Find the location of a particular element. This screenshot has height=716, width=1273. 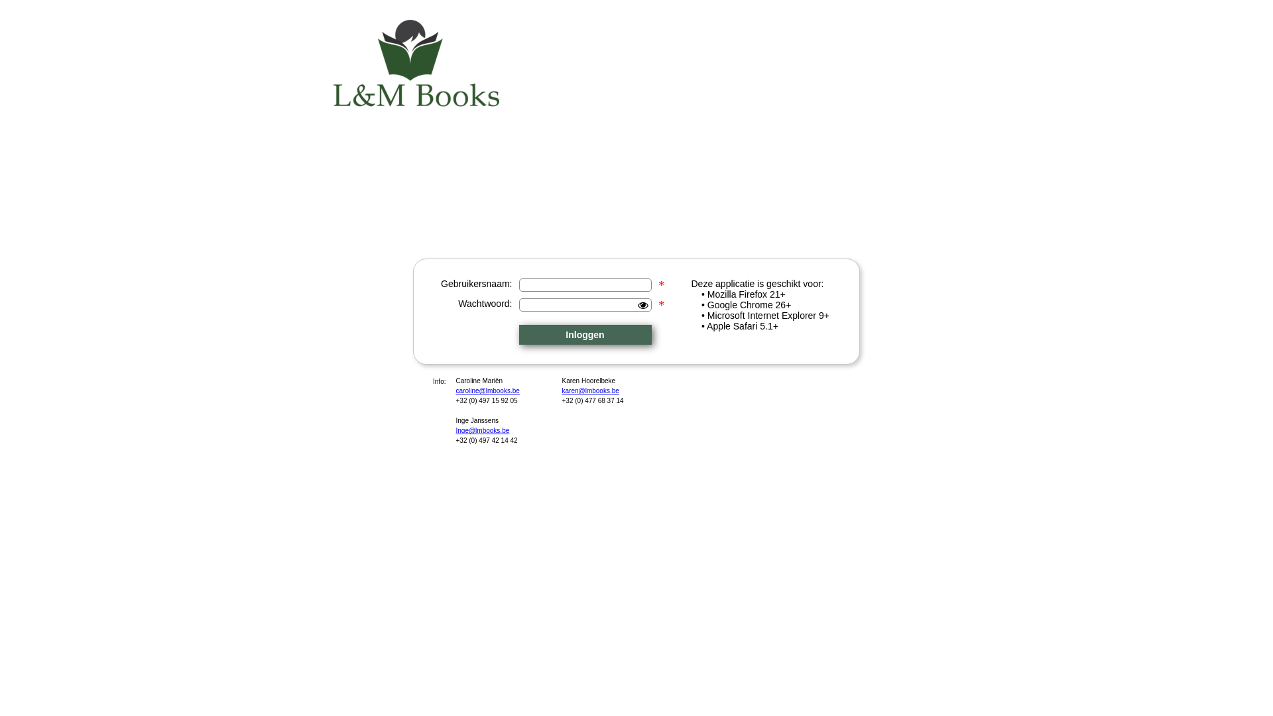

'caroline@lmbooks.be' is located at coordinates (521, 391).